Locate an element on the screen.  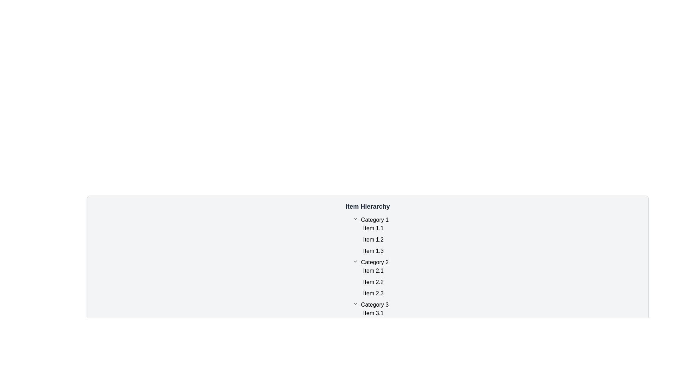
the text label displaying 'Item 1.1' in black font is located at coordinates (373, 228).